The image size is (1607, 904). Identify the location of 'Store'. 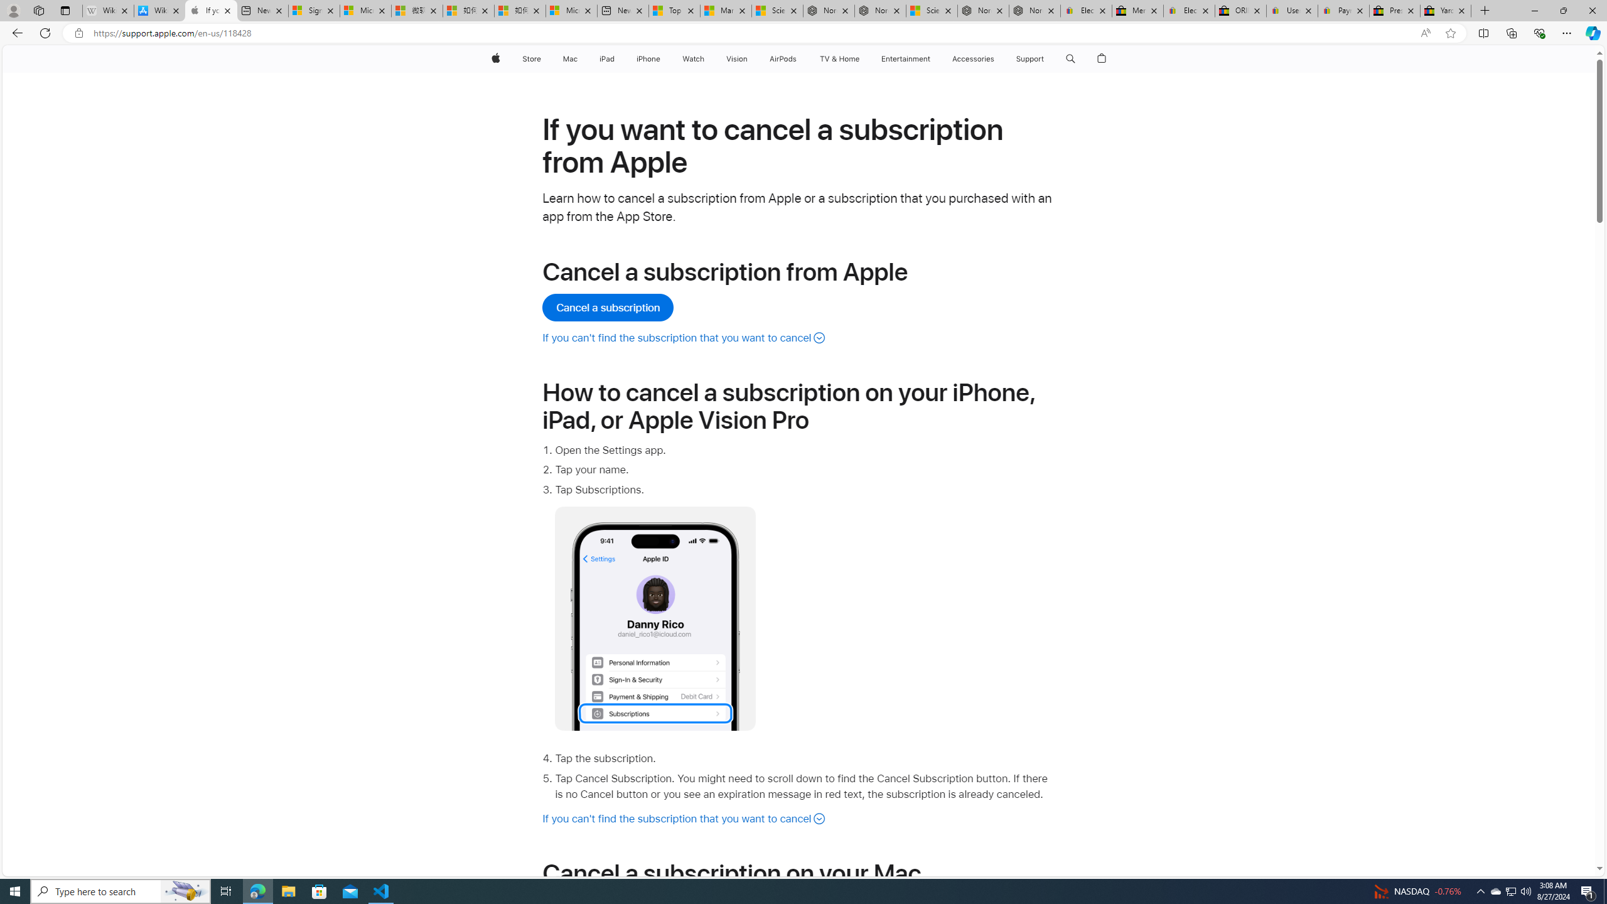
(530, 58).